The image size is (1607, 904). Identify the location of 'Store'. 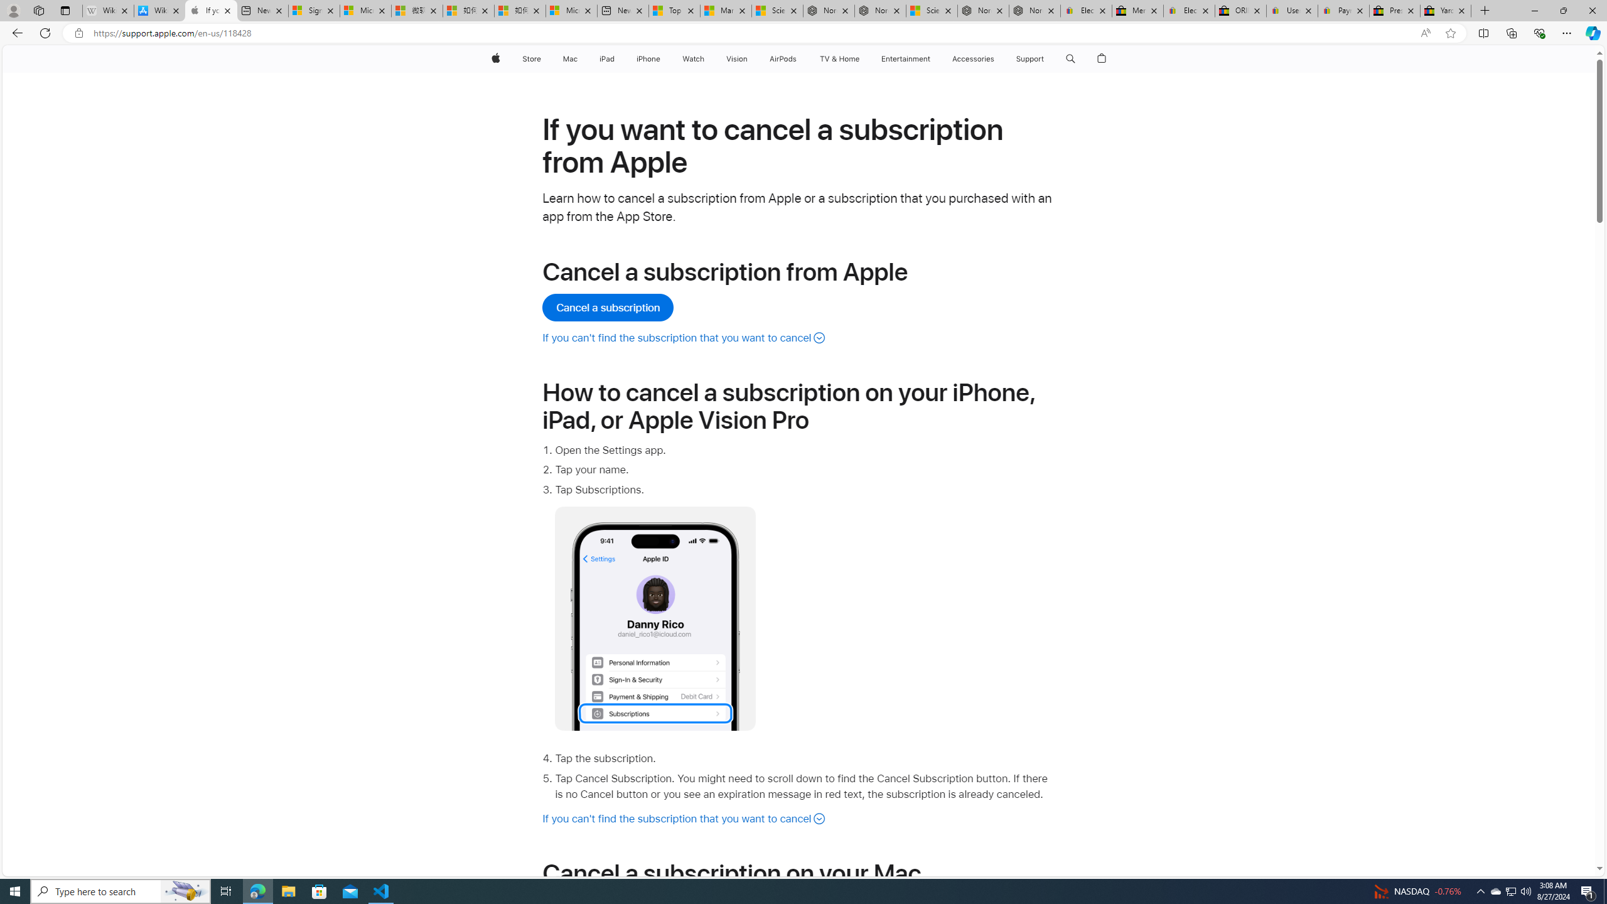
(530, 58).